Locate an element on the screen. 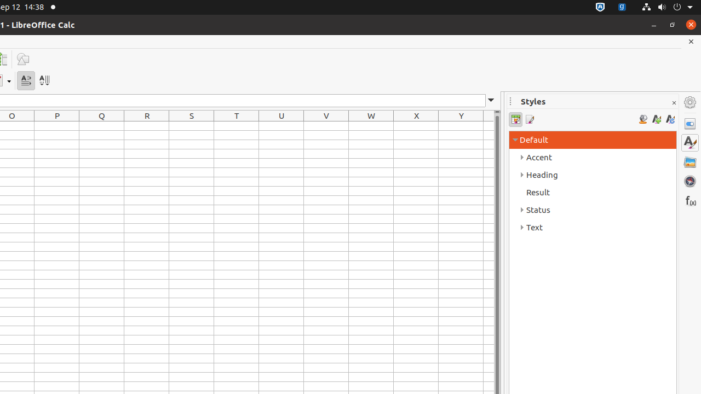 The image size is (701, 394). 'Y1' is located at coordinates (461, 125).